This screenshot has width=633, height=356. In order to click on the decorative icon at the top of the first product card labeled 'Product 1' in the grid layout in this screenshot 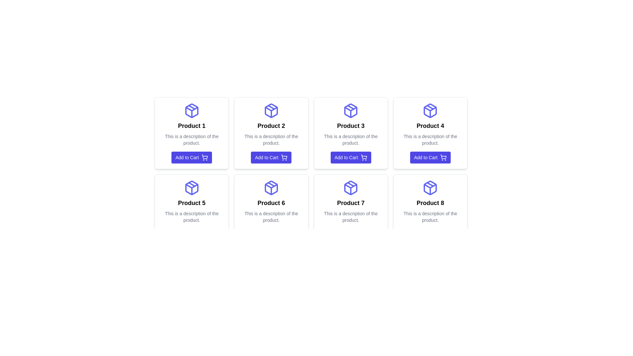, I will do `click(191, 110)`.